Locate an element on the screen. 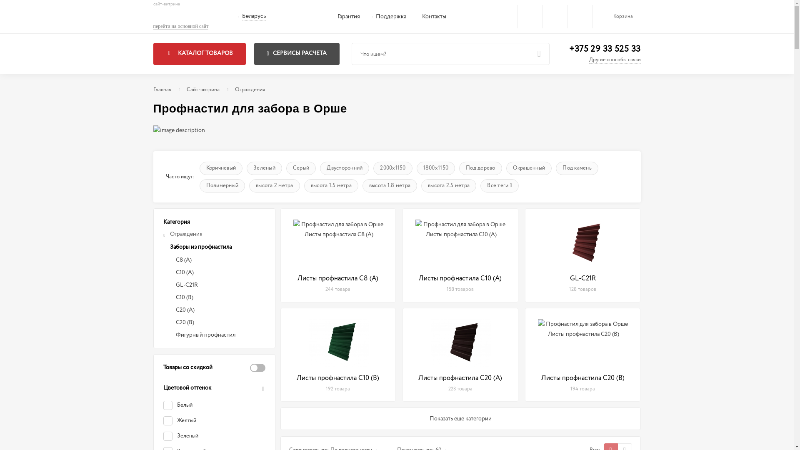 The image size is (800, 450). '+375 29 33 525 33' is located at coordinates (569, 49).